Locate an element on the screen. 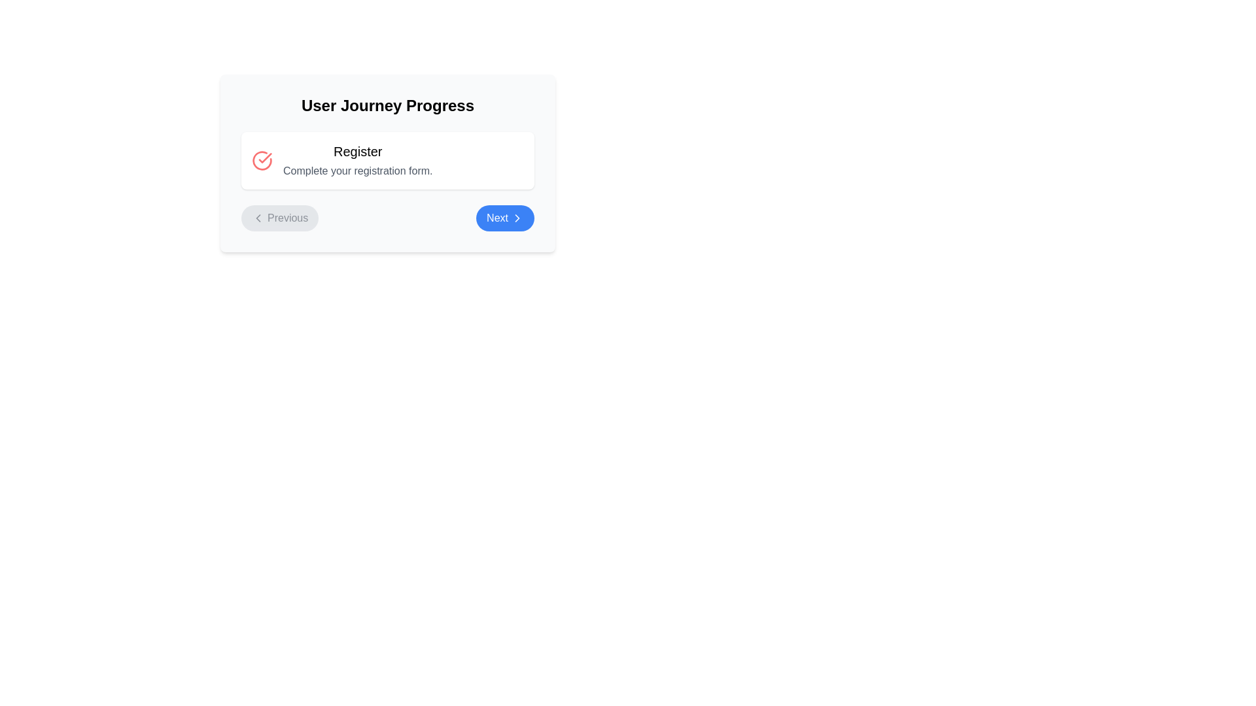  the navigation button located on the right side of the horizontal grouping is located at coordinates (504, 218).